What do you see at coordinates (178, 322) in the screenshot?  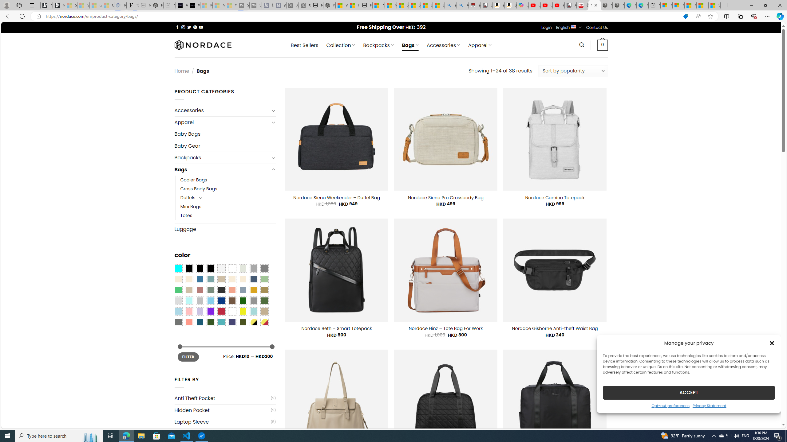 I see `'Dull Nickle'` at bounding box center [178, 322].